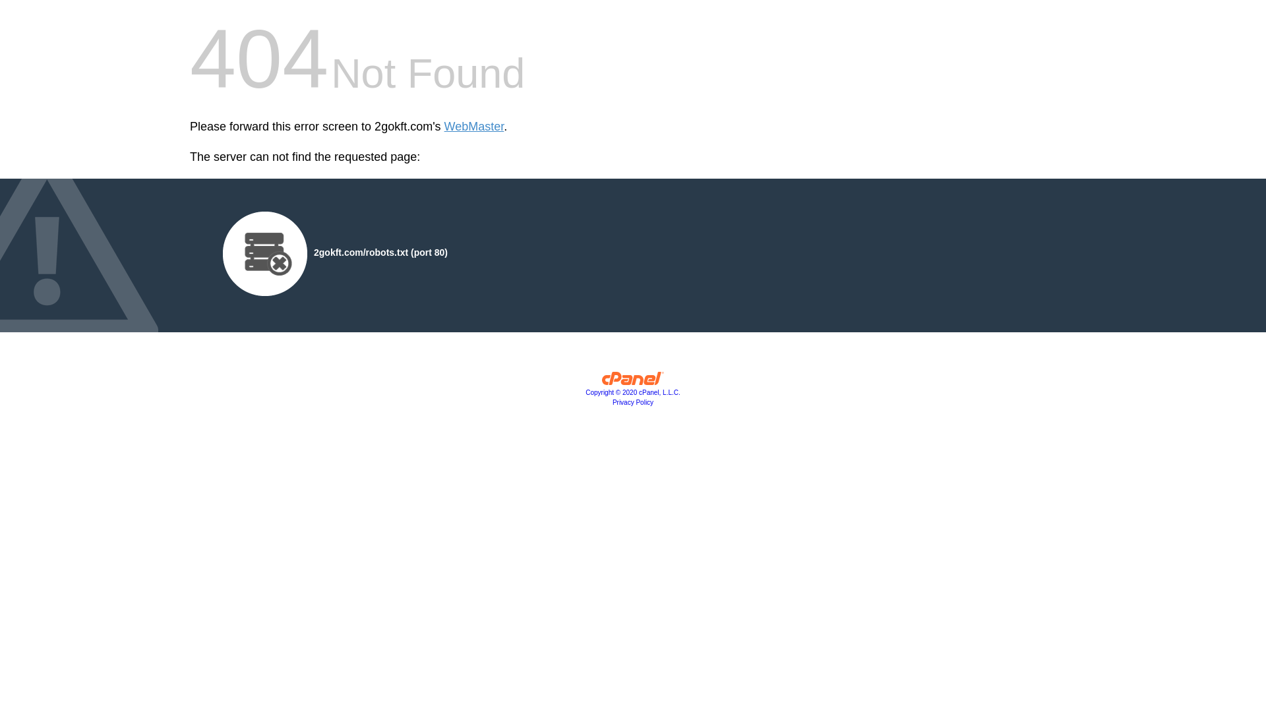  Describe the element at coordinates (633, 401) in the screenshot. I see `'Privacy Policy'` at that location.